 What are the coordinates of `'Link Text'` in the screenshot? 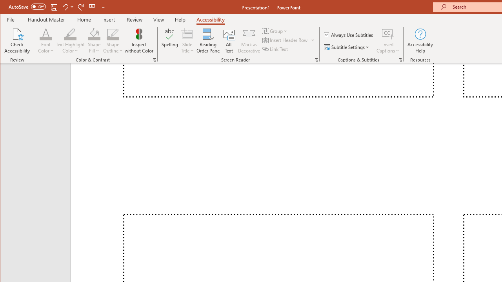 It's located at (276, 49).